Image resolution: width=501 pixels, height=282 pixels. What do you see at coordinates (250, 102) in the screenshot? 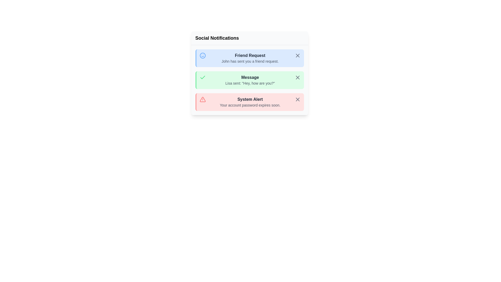
I see `the informational alert notification with a red background, containing the heading 'System Alert' and the text 'Your account password expires soon.'` at bounding box center [250, 102].